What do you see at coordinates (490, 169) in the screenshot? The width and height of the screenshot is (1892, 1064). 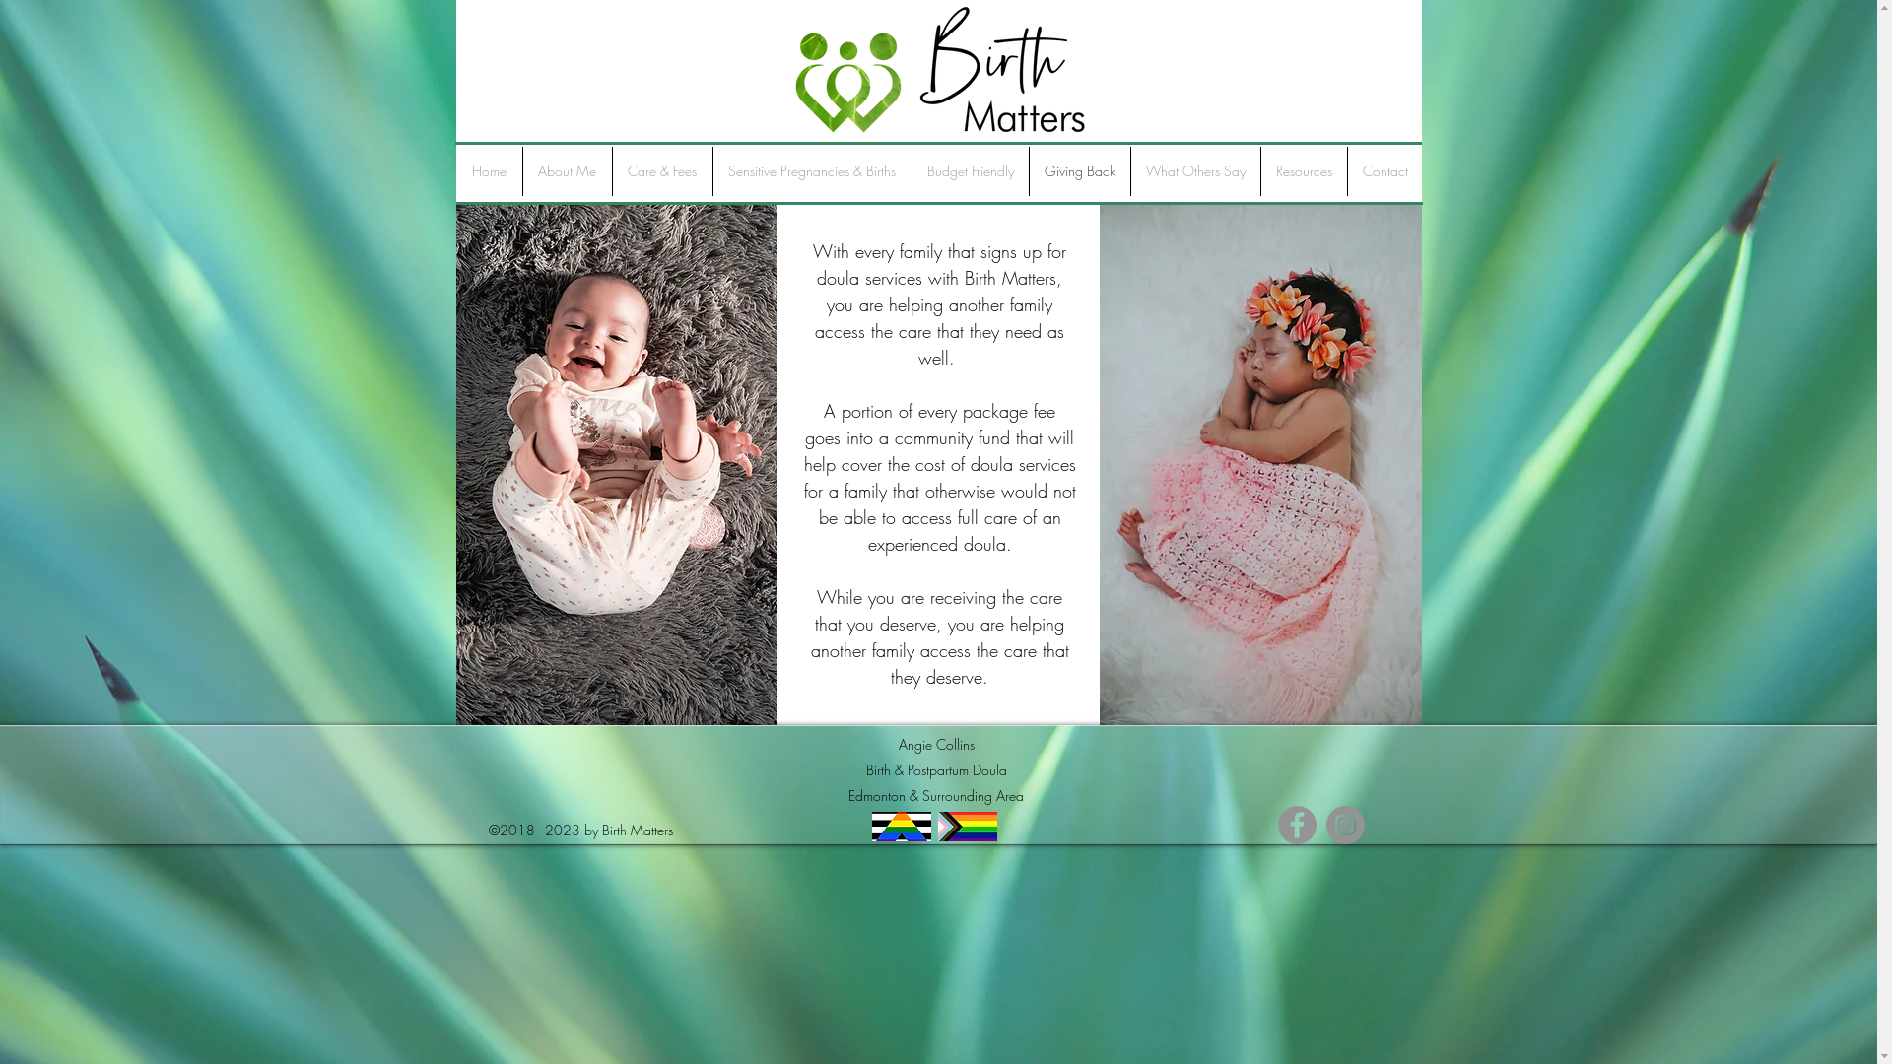 I see `'Home'` at bounding box center [490, 169].